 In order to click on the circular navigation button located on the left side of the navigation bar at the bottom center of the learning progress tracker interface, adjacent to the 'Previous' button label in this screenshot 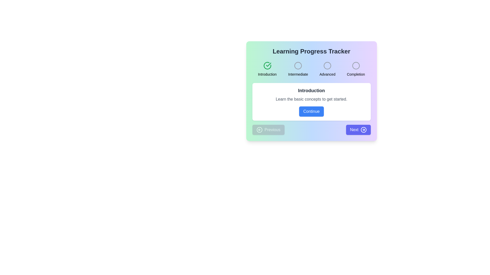, I will do `click(259, 129)`.